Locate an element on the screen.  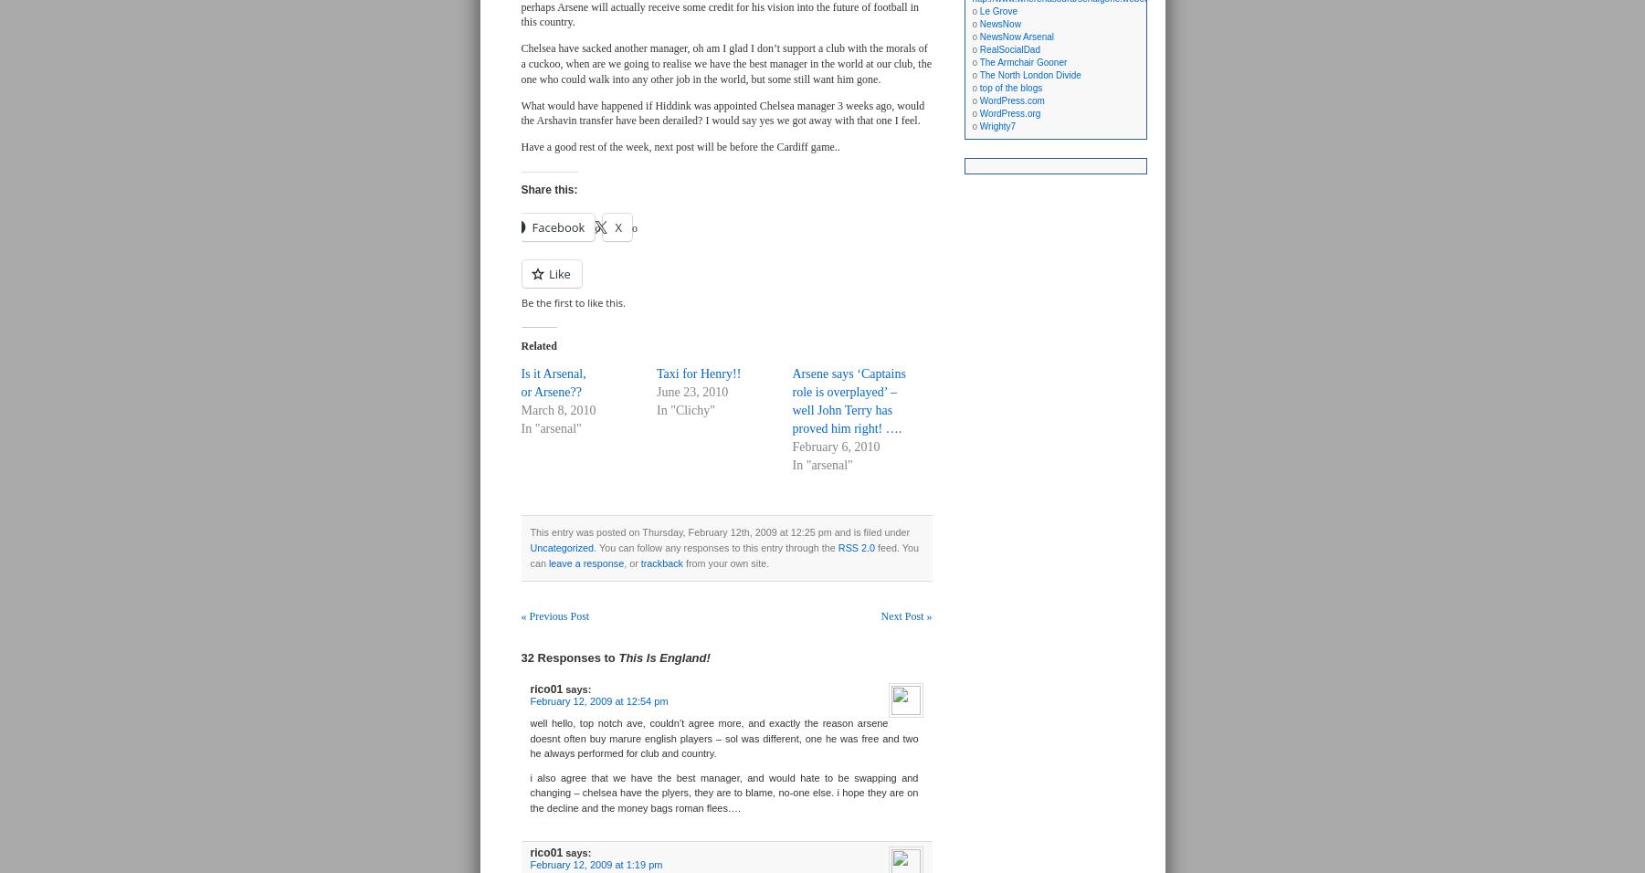
'leave a response' is located at coordinates (585, 563).